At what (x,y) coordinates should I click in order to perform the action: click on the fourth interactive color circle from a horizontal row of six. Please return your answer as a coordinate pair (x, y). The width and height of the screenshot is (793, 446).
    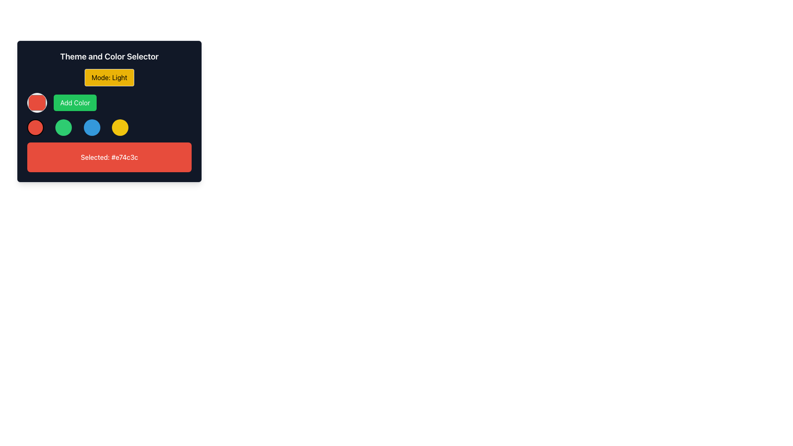
    Looking at the image, I should click on (120, 127).